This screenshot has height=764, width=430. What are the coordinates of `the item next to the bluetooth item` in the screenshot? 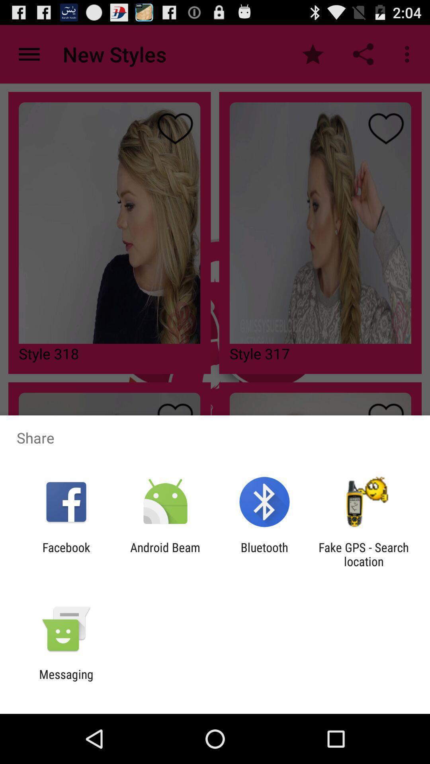 It's located at (165, 554).